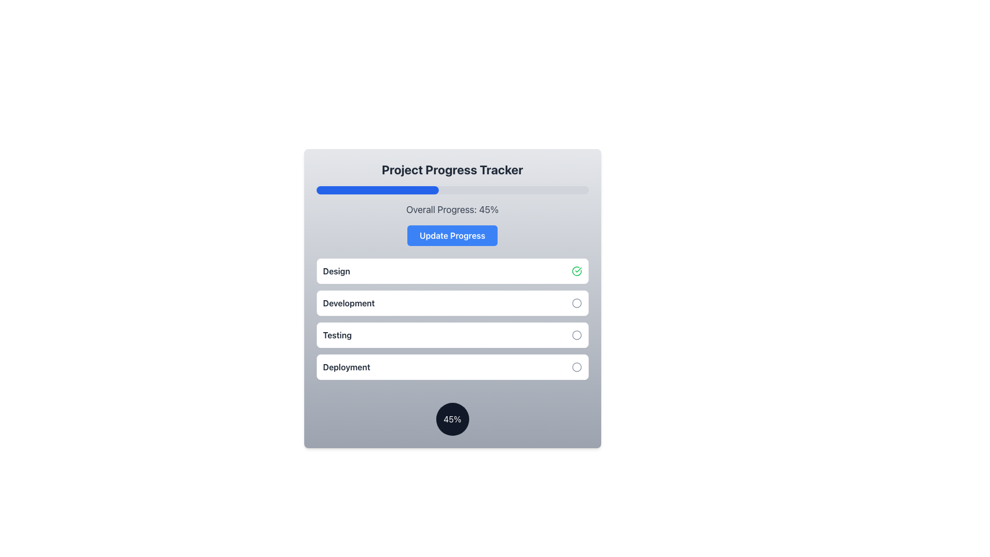  I want to click on the text display representing the overall progress percentage, which is prominently presented within a decorative circle located in the 'Project Progress Tracker' section beneath 'Deployment', so click(452, 419).